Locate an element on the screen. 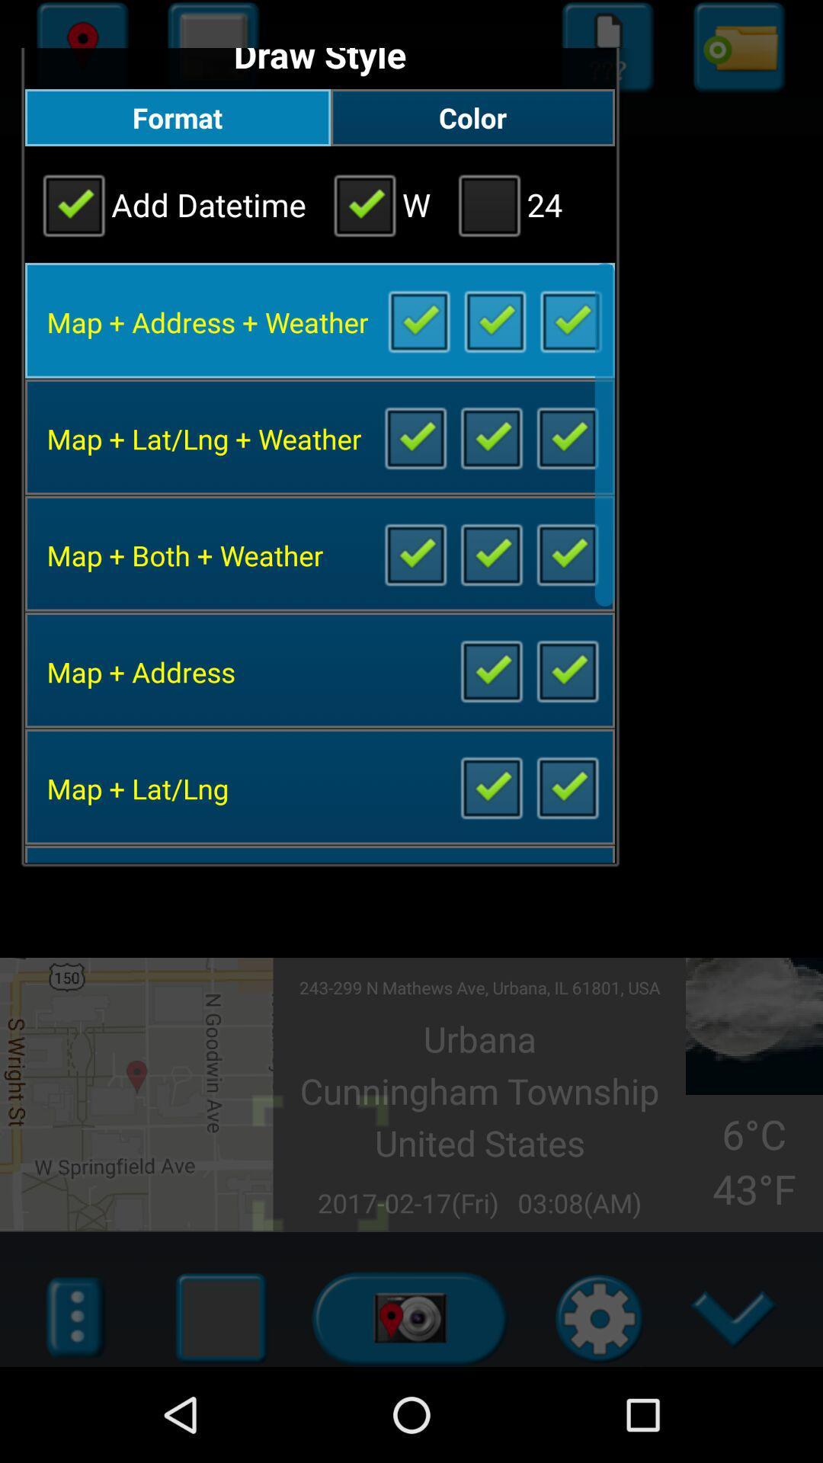 This screenshot has width=823, height=1463. map and weather toggle is located at coordinates (491, 552).